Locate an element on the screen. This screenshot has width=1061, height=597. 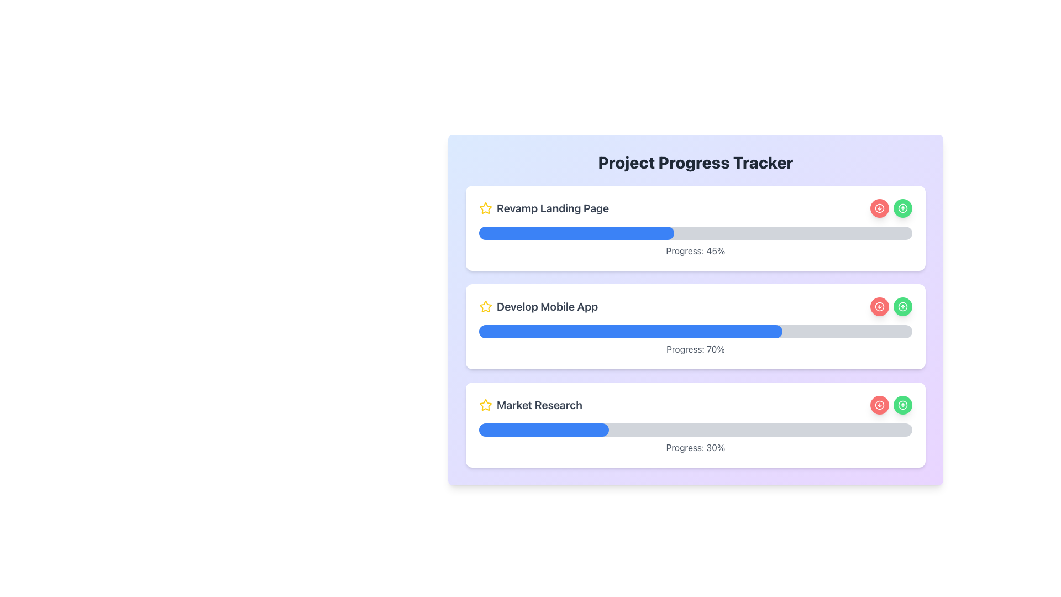
the SVG Circle element with a 10-pixel radius, located in the upper-right corner of the task card labeled 'Develop Mobile App' is located at coordinates (879, 307).